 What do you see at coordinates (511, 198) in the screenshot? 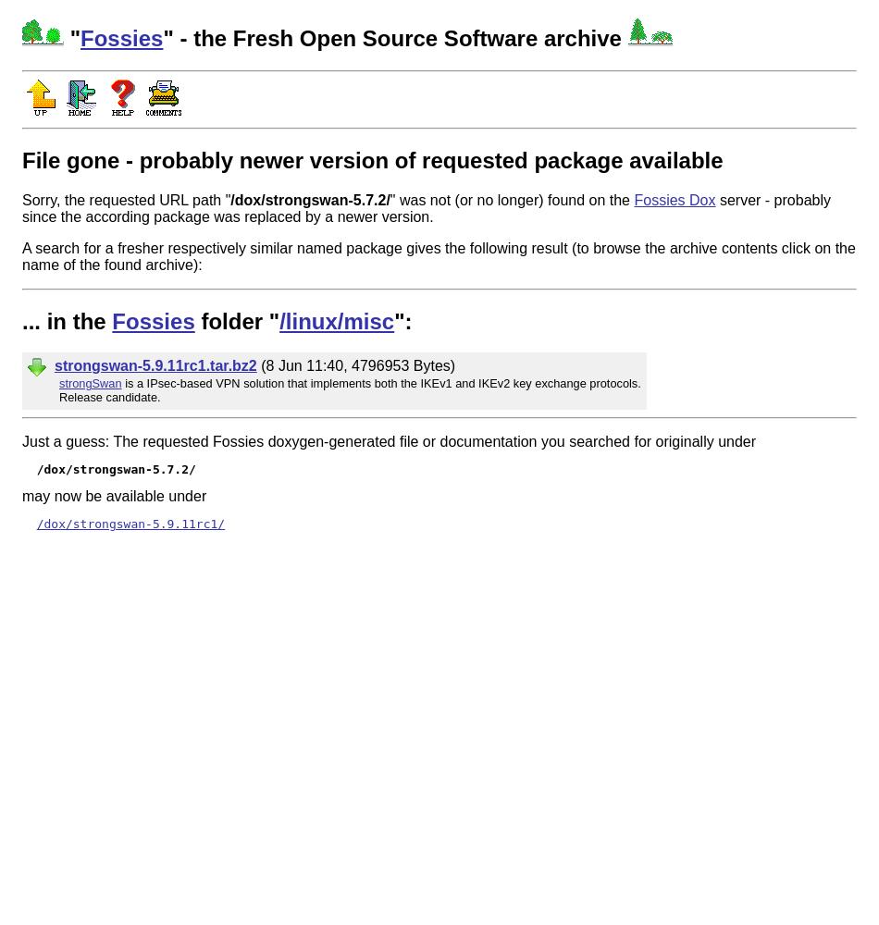
I see `'"
was not (or no longer) found on the'` at bounding box center [511, 198].